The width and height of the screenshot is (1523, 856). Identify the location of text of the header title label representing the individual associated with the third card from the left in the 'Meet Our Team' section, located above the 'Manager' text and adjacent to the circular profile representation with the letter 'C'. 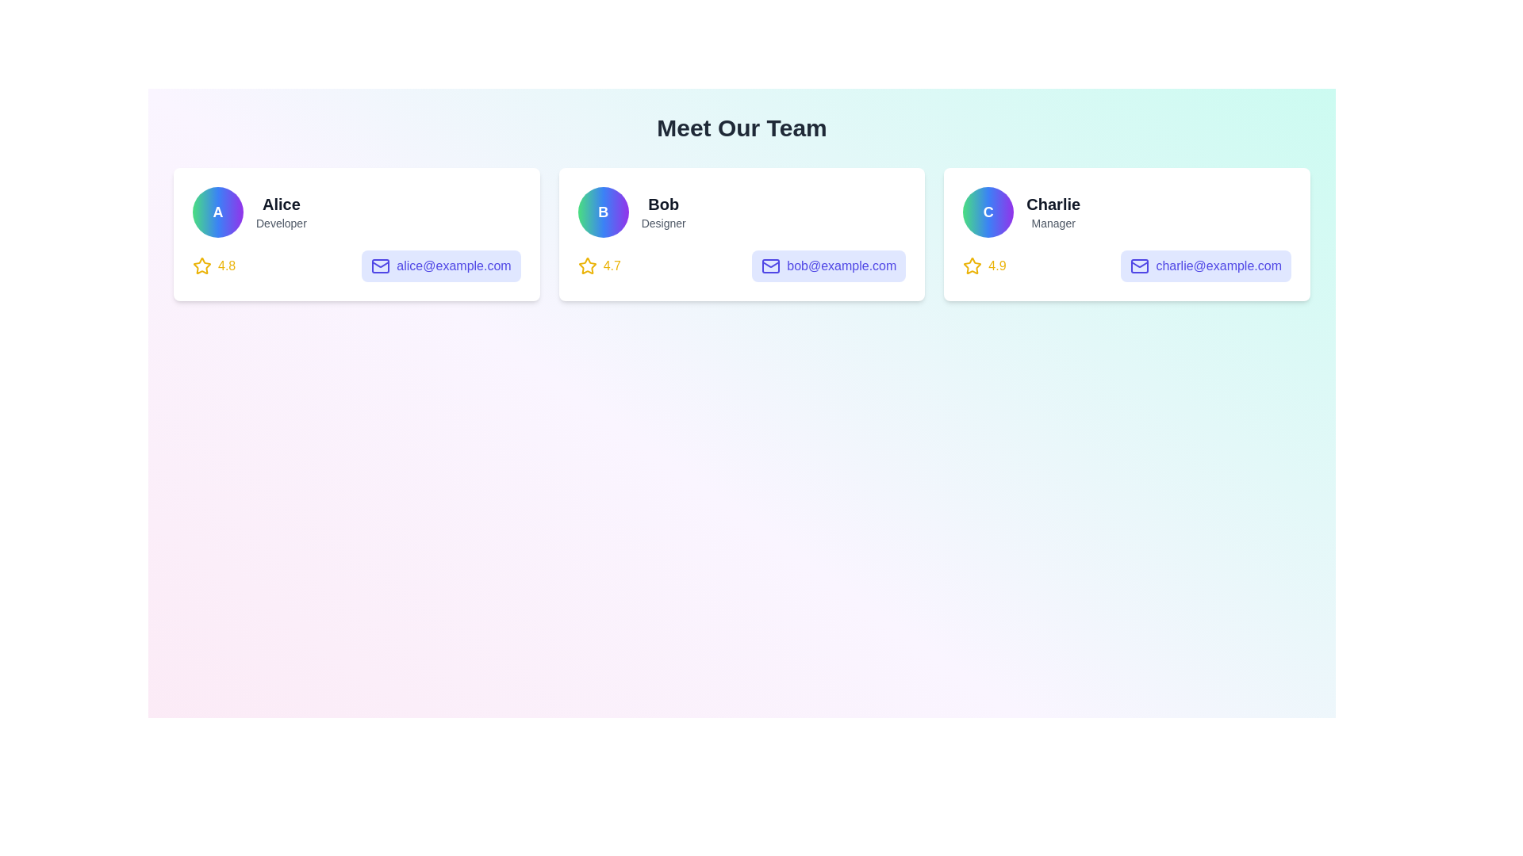
(1053, 204).